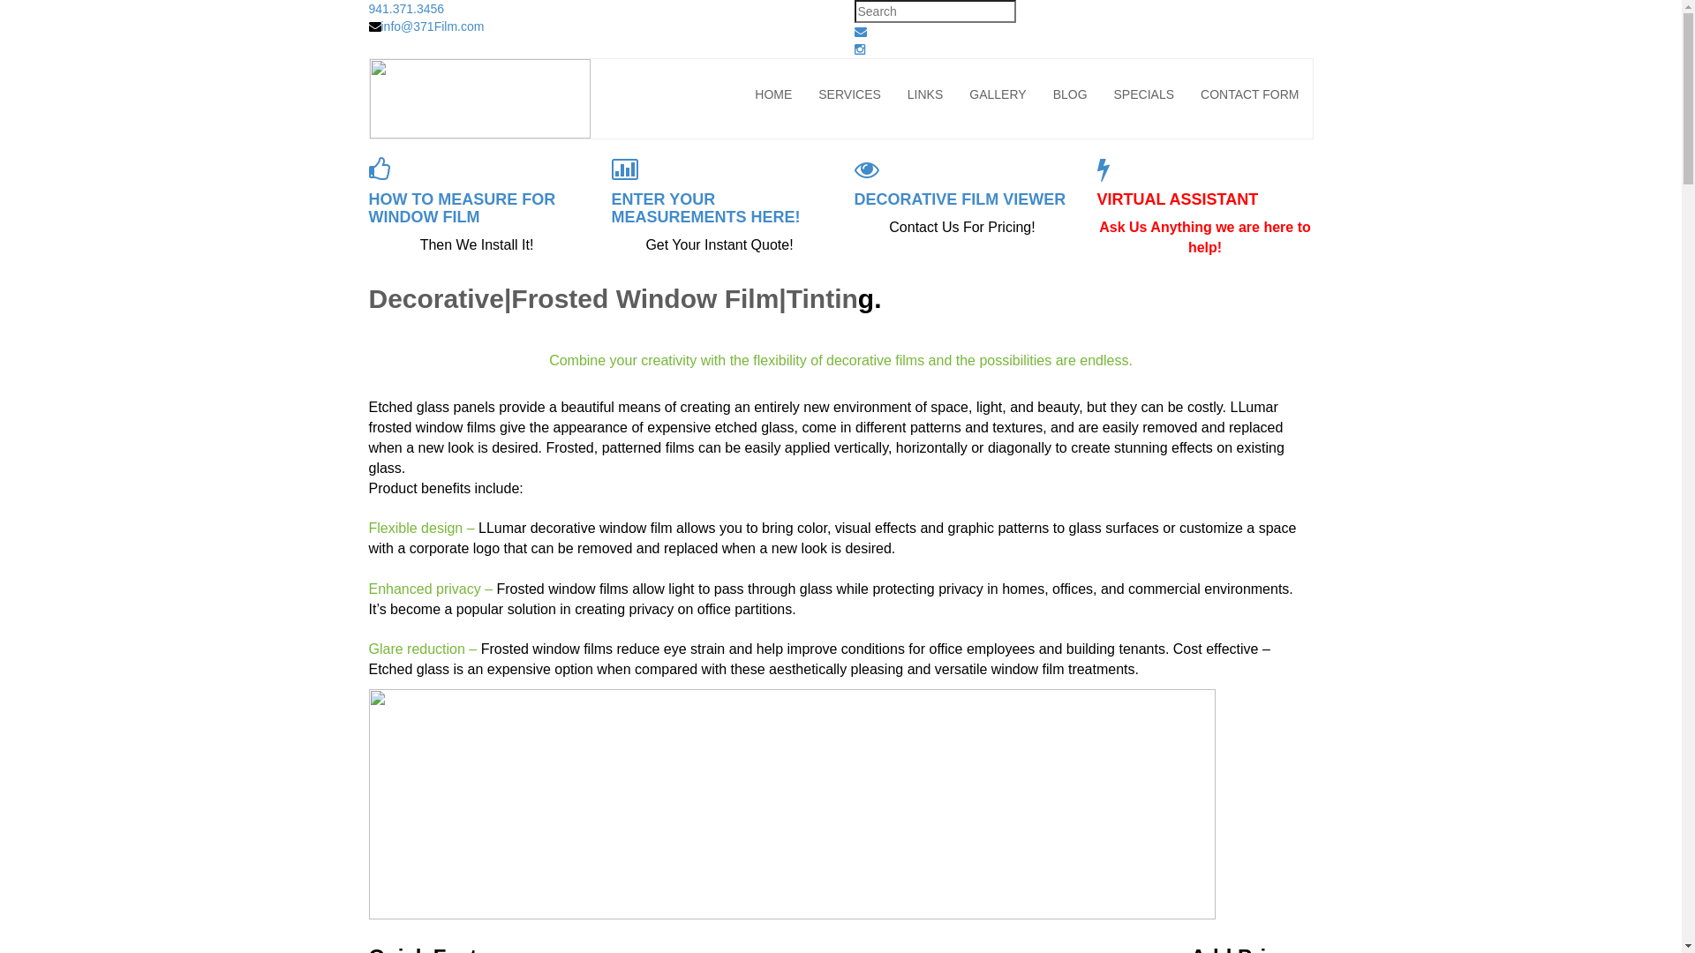 The image size is (1695, 953). What do you see at coordinates (433, 26) in the screenshot?
I see `'info@371Film.com'` at bounding box center [433, 26].